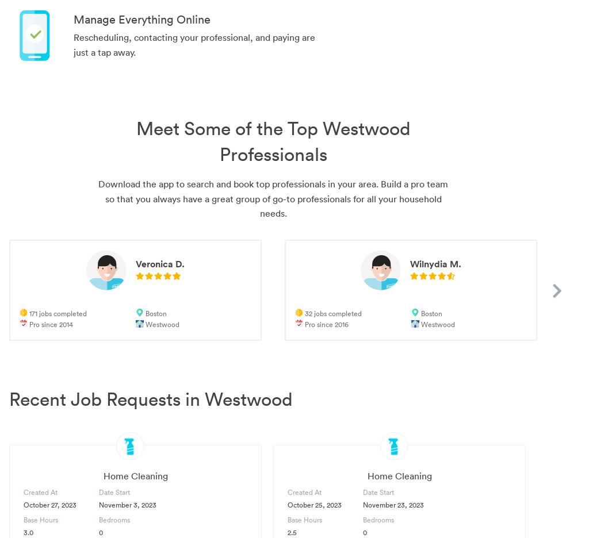 The width and height of the screenshot is (589, 538). Describe the element at coordinates (50, 504) in the screenshot. I see `'October 27, 2023'` at that location.